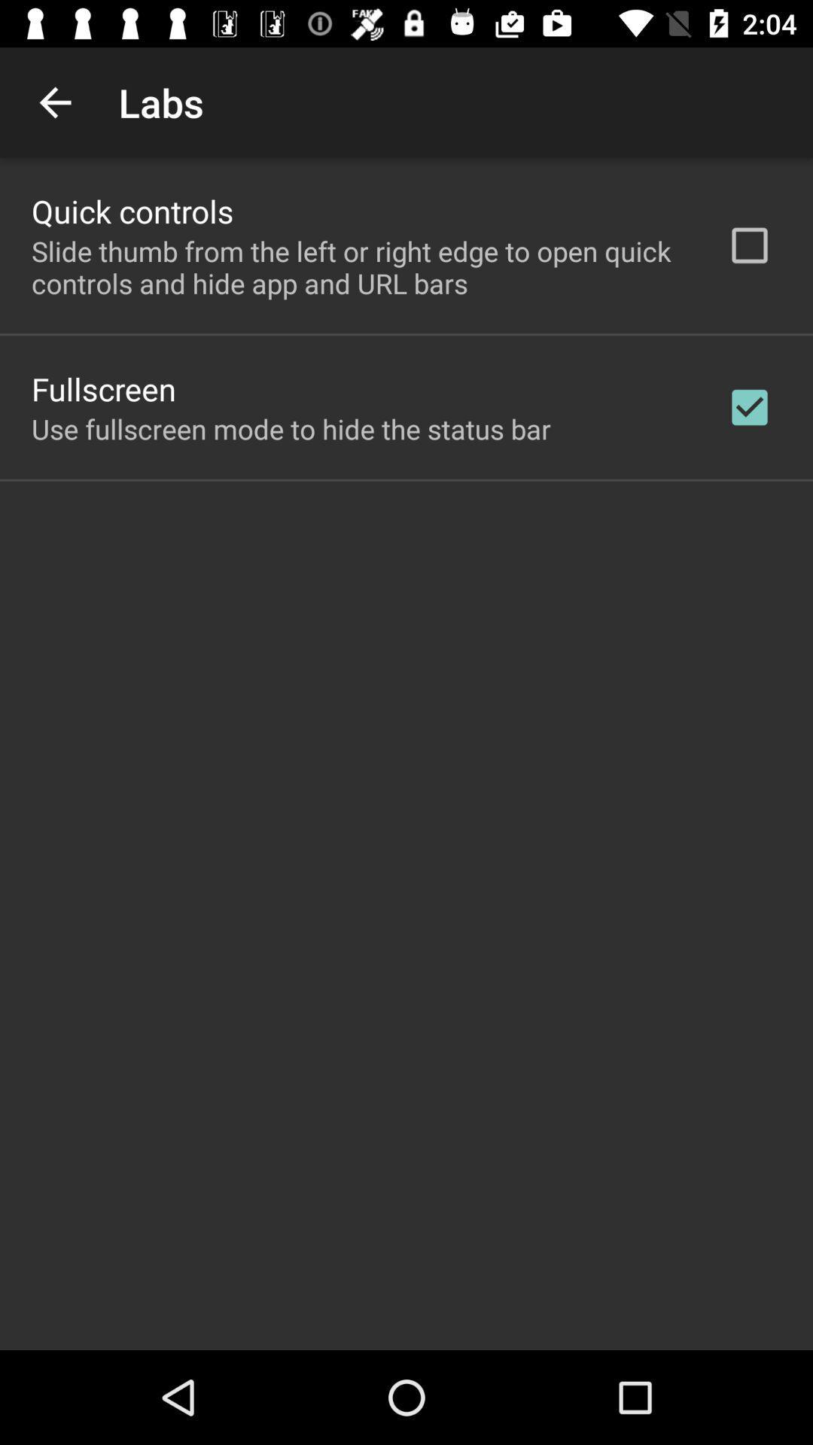 This screenshot has width=813, height=1445. Describe the element at coordinates (291, 428) in the screenshot. I see `use fullscreen mode item` at that location.